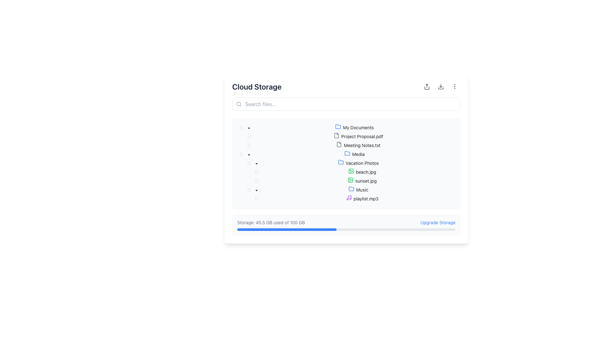 This screenshot has width=609, height=343. What do you see at coordinates (271, 222) in the screenshot?
I see `the text label displaying 'Storage: 45.5 GB used of 100 GB' located in the bottom-right part of the interface, above a horizontal progress bar and adjacent to the 'Upgrade Storage' link` at bounding box center [271, 222].